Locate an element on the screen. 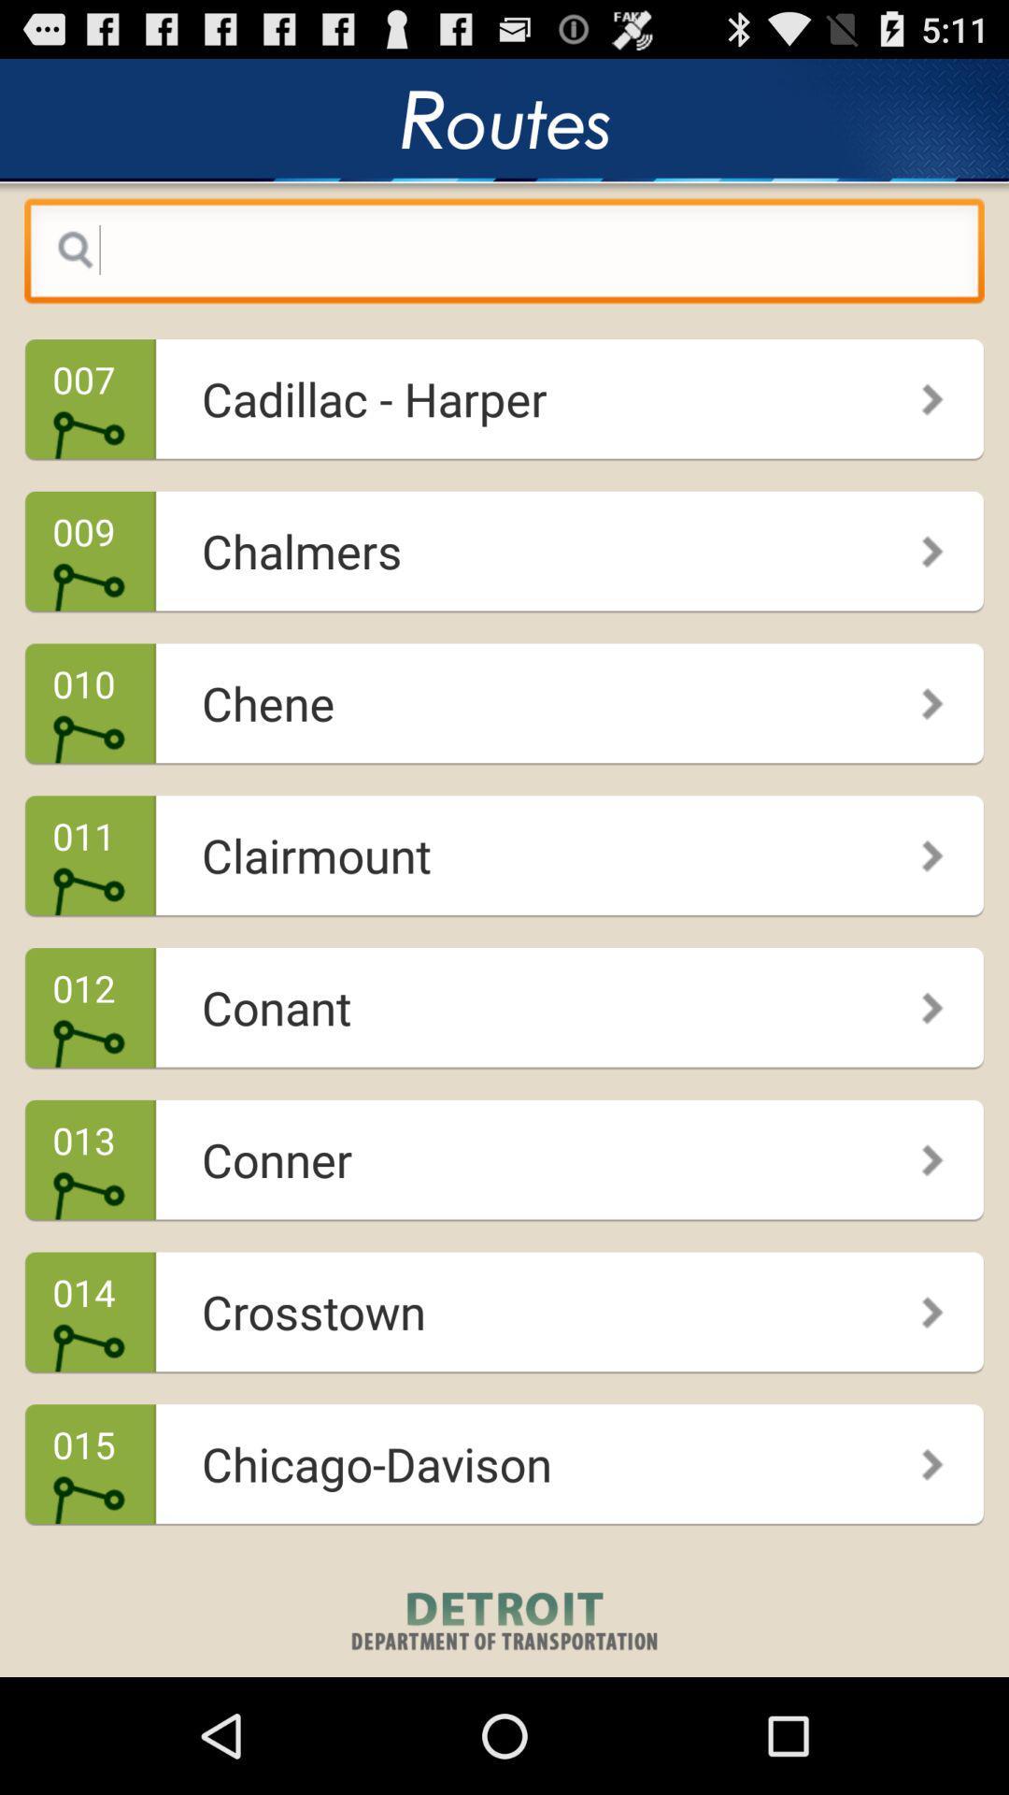  search is located at coordinates (504, 254).